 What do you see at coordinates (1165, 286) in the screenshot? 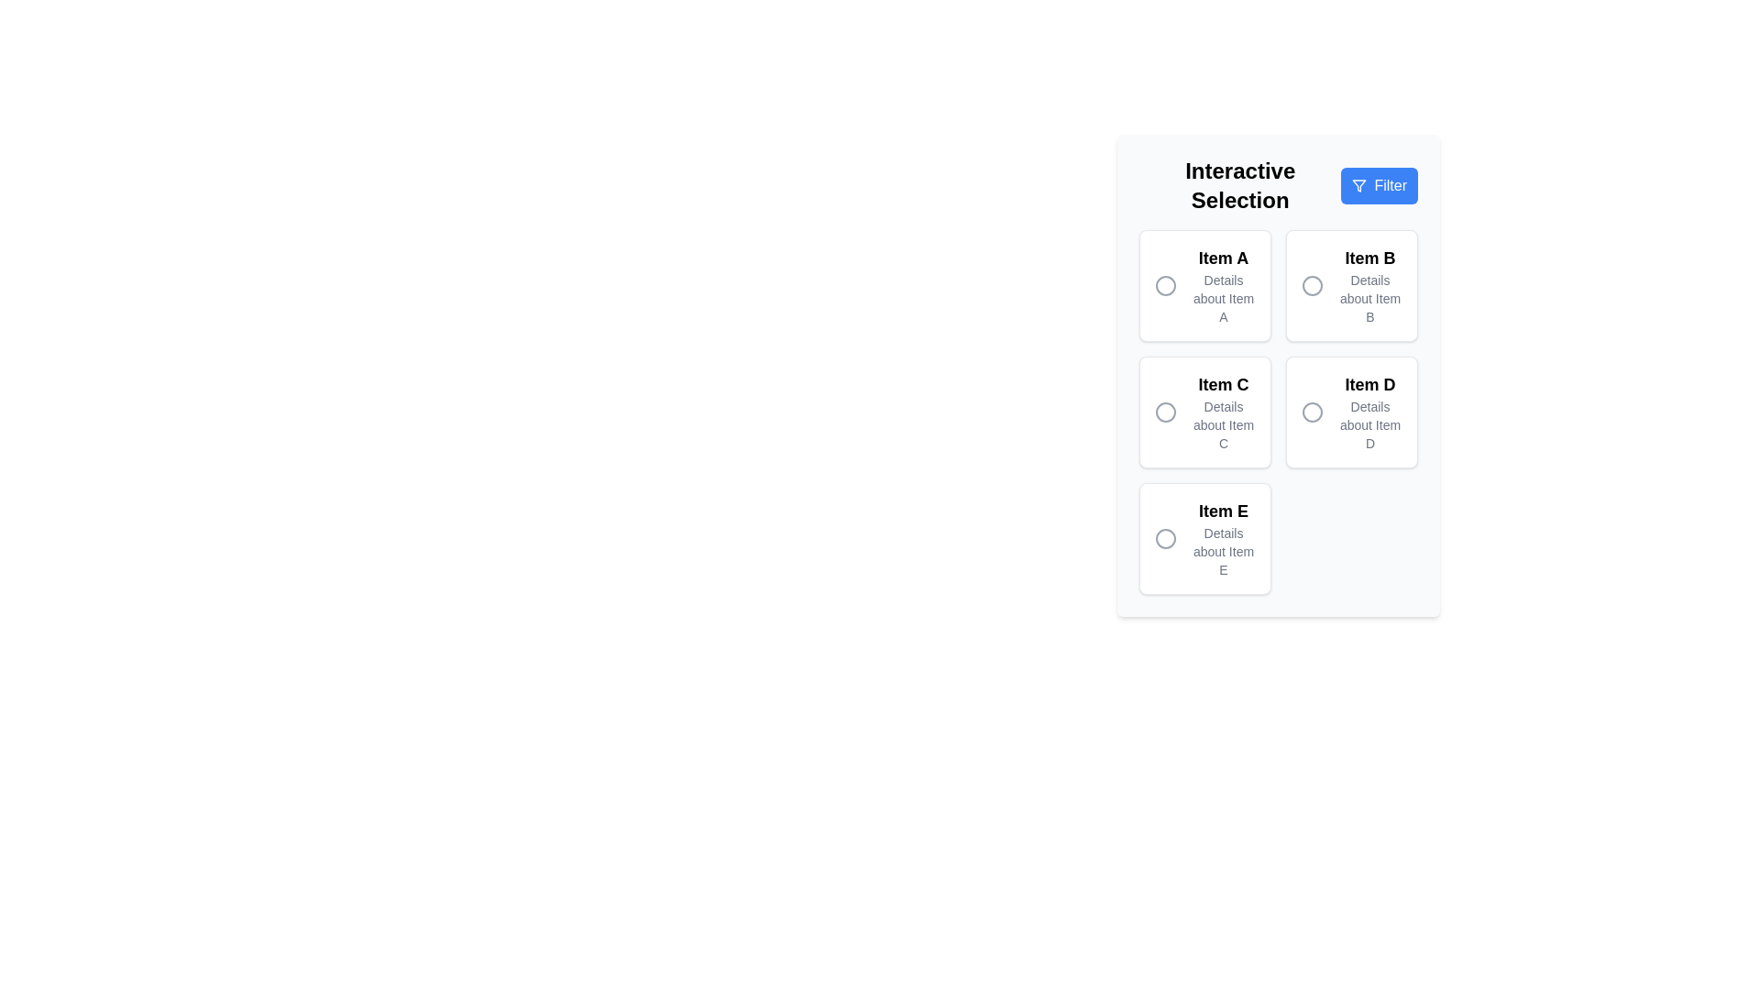
I see `the radio button located to the left of the text 'Item A'` at bounding box center [1165, 286].